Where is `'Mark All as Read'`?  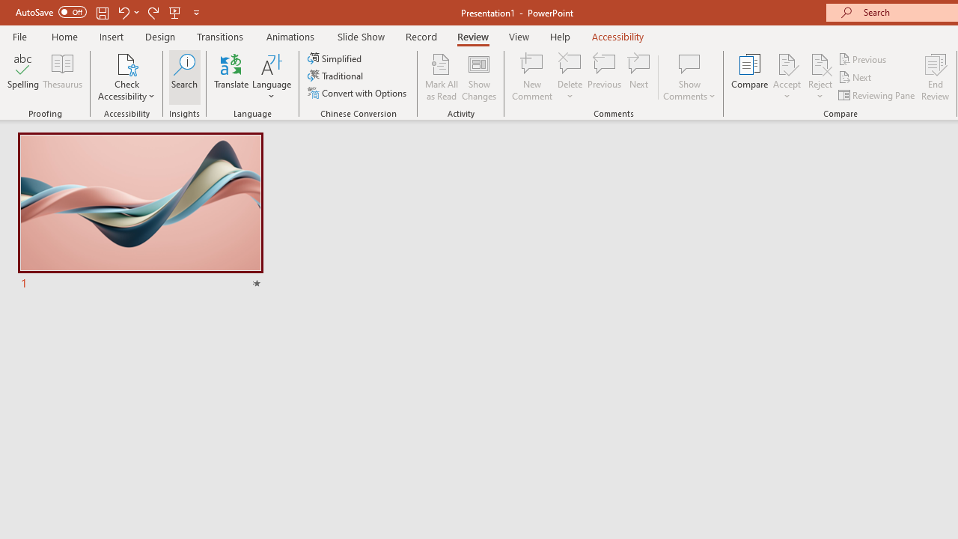 'Mark All as Read' is located at coordinates (441, 77).